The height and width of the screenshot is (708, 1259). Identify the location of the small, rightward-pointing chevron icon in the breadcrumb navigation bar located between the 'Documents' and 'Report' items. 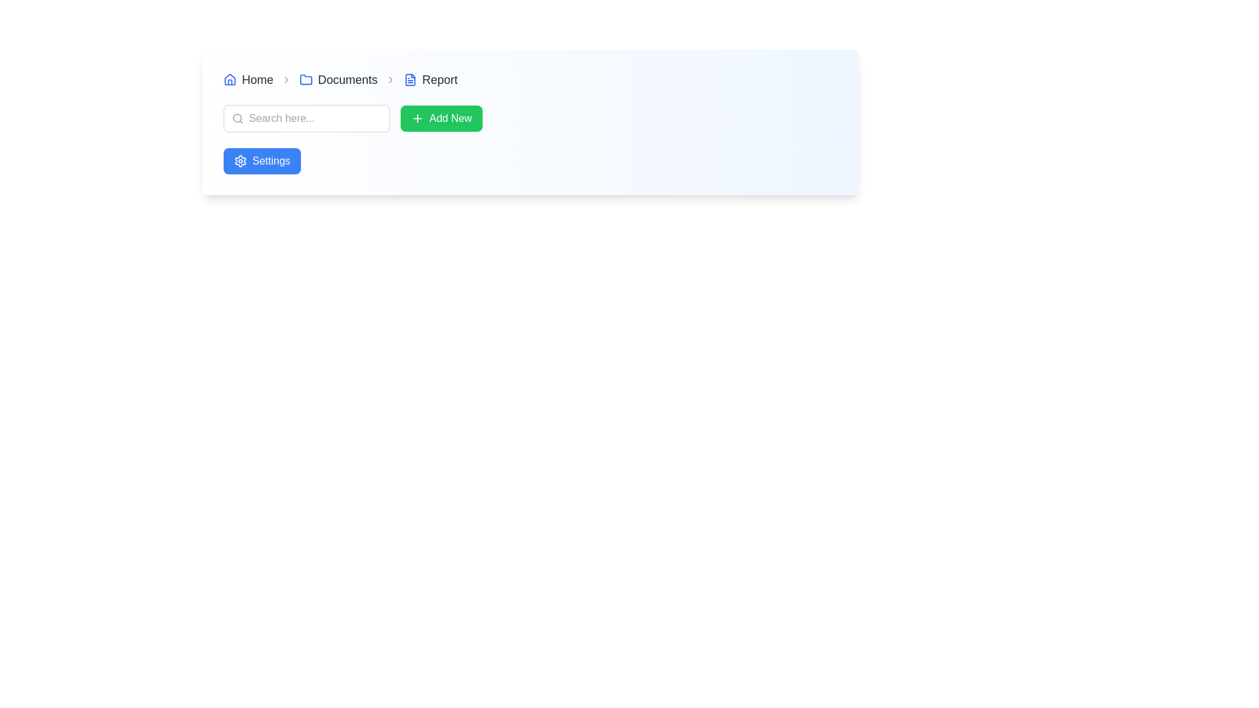
(390, 80).